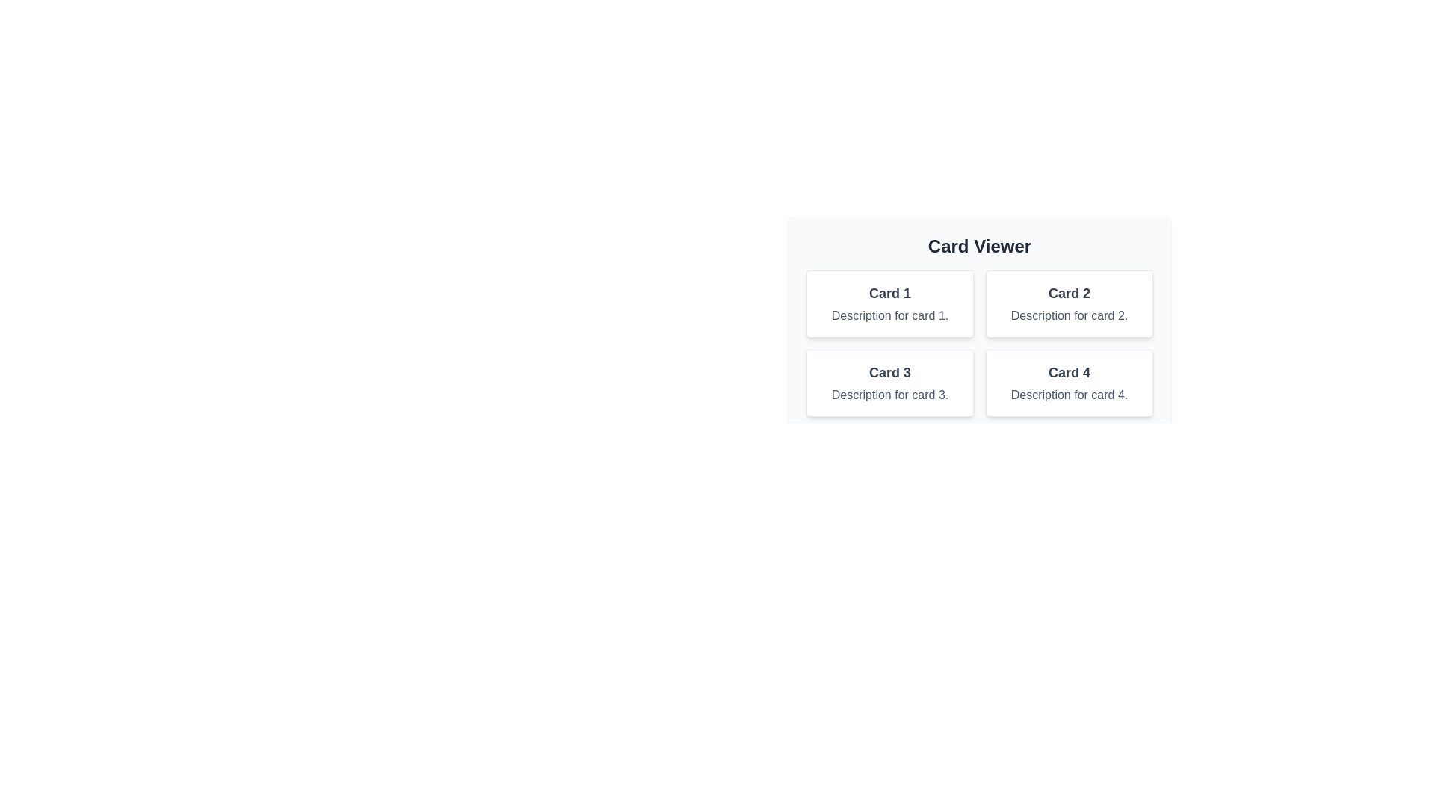 This screenshot has width=1435, height=807. What do you see at coordinates (1068, 315) in the screenshot?
I see `the text label displaying 'Description for card 2.' located within the second card, directly beneath the 'Card 2' title` at bounding box center [1068, 315].